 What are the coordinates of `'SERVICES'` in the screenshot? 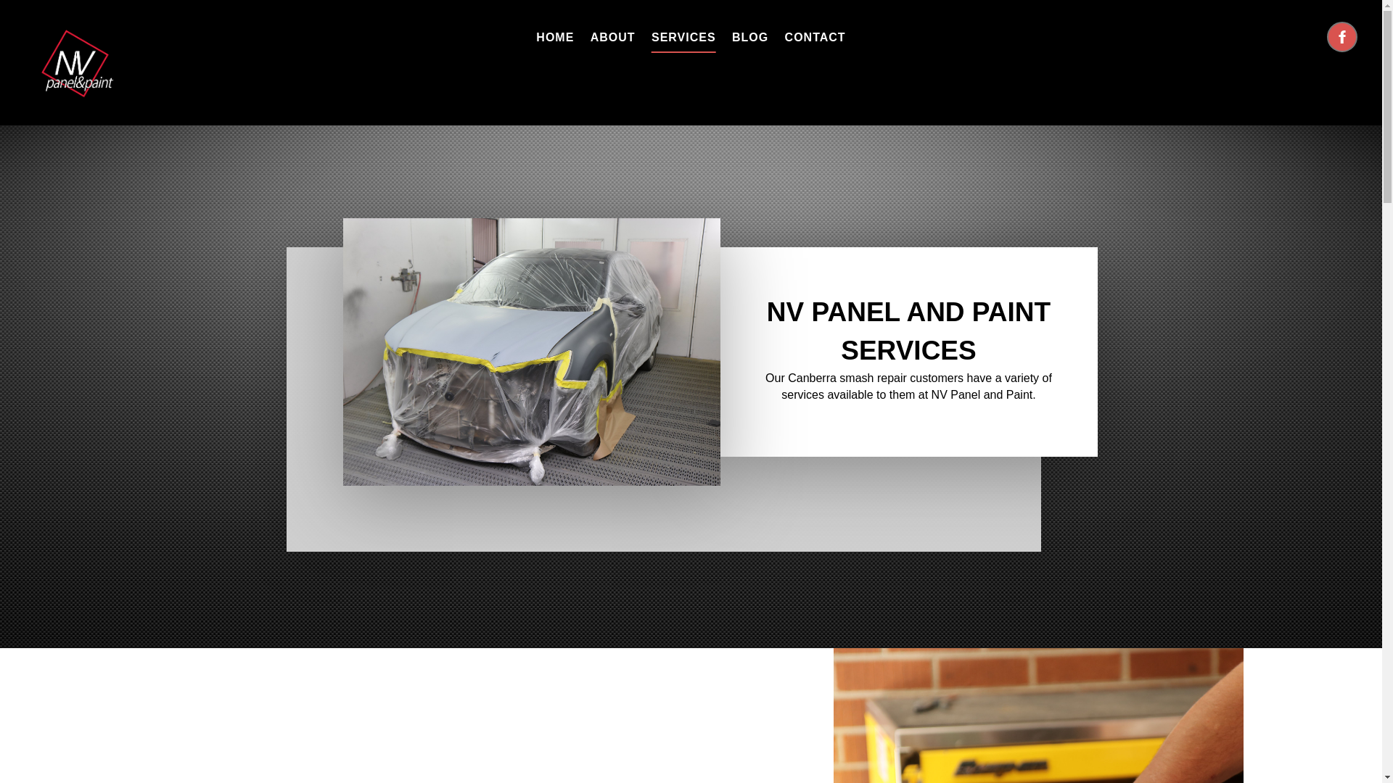 It's located at (650, 36).